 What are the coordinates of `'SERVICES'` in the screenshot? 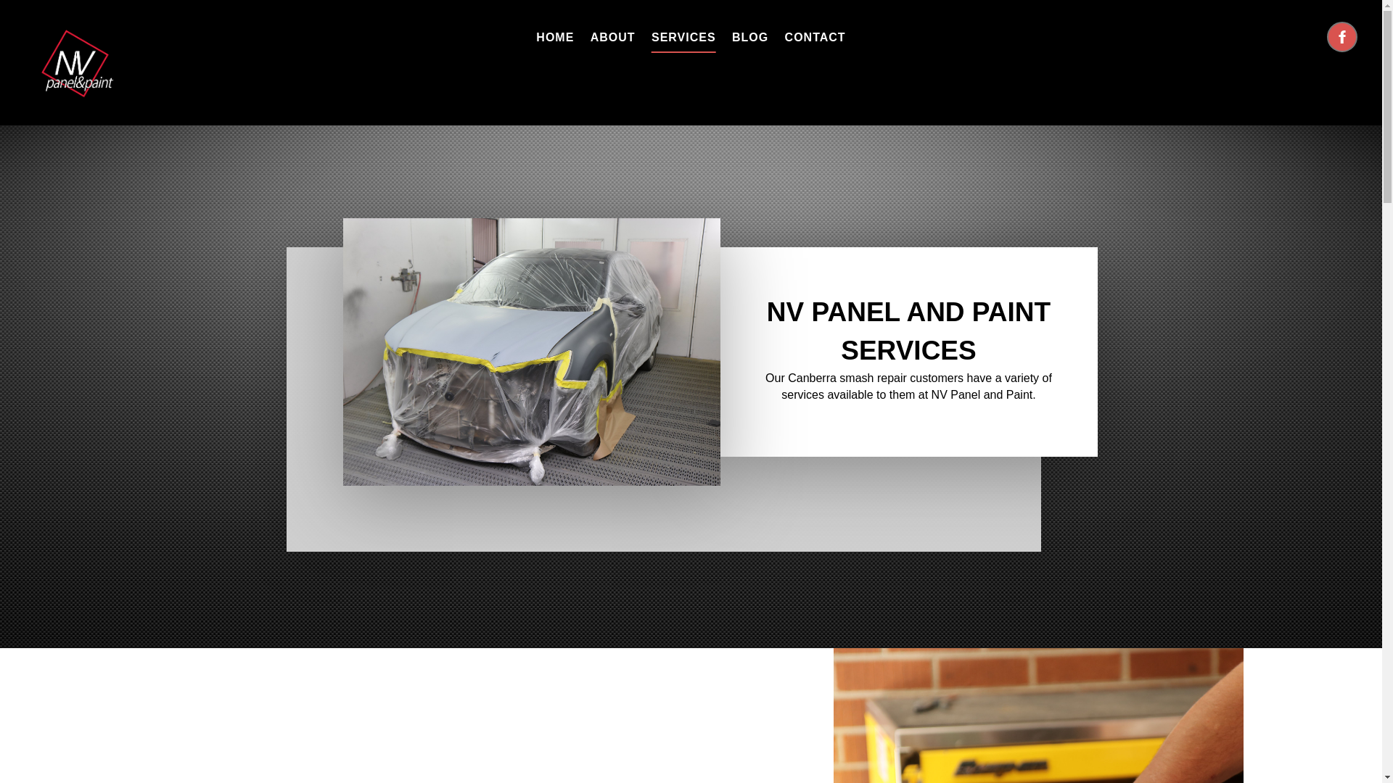 It's located at (650, 36).